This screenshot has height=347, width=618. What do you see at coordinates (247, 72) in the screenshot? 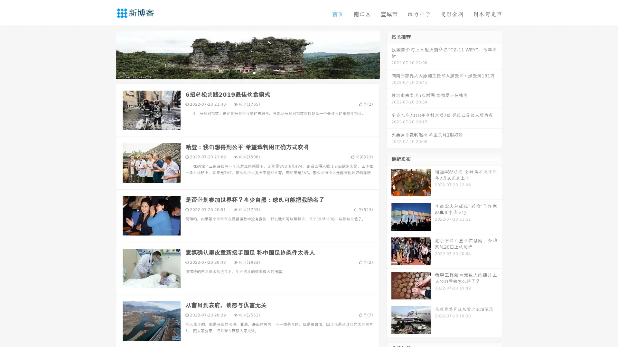
I see `Go to slide 2` at bounding box center [247, 72].